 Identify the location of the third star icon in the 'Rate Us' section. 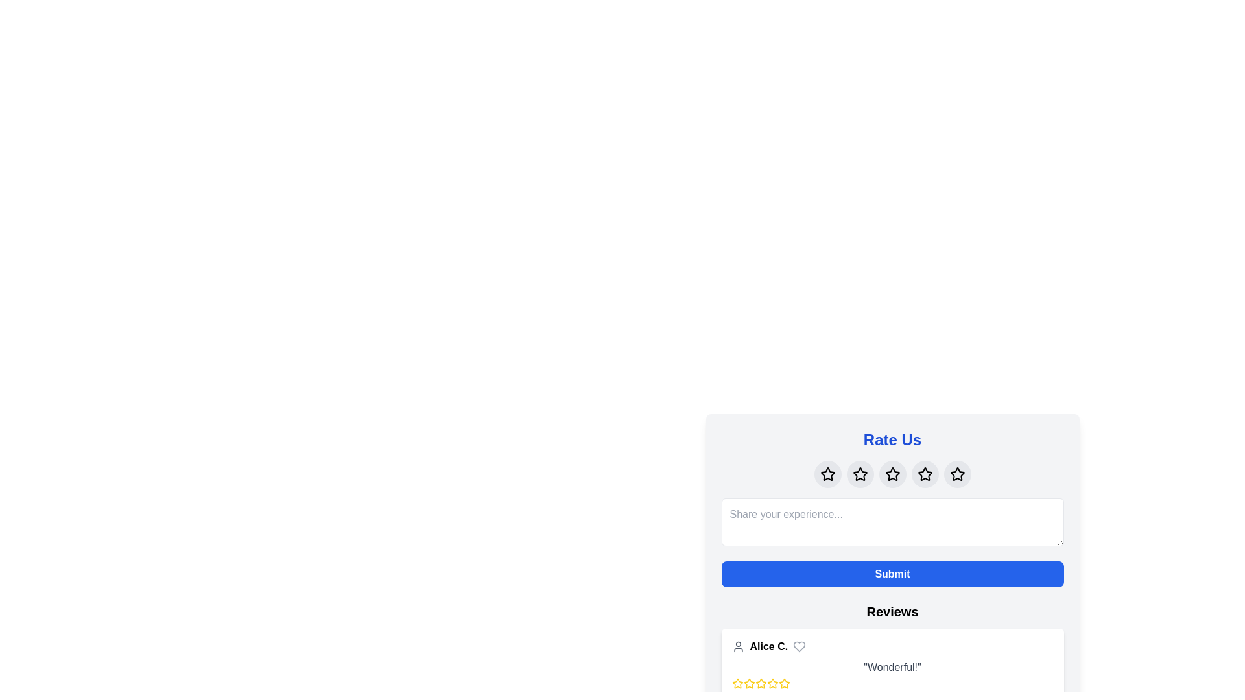
(892, 474).